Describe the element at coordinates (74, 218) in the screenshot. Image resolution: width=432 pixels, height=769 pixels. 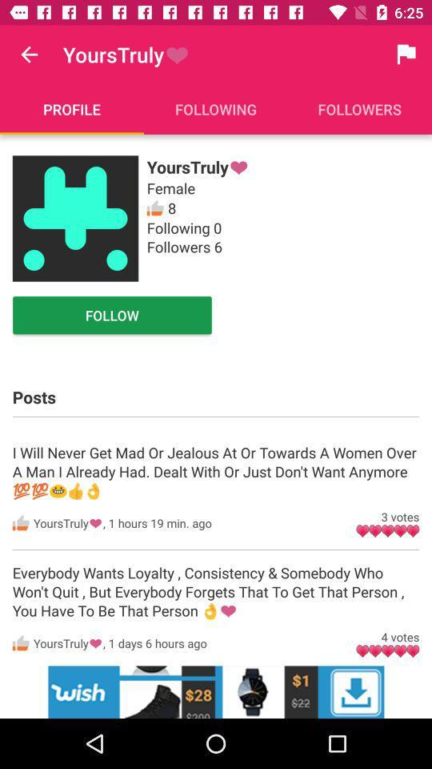
I see `profile image area` at that location.